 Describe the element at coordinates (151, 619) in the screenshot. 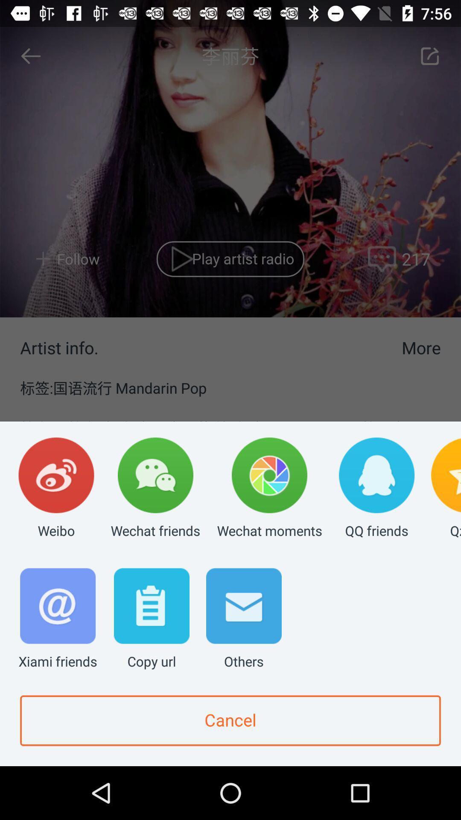

I see `the item above the cancel icon` at that location.